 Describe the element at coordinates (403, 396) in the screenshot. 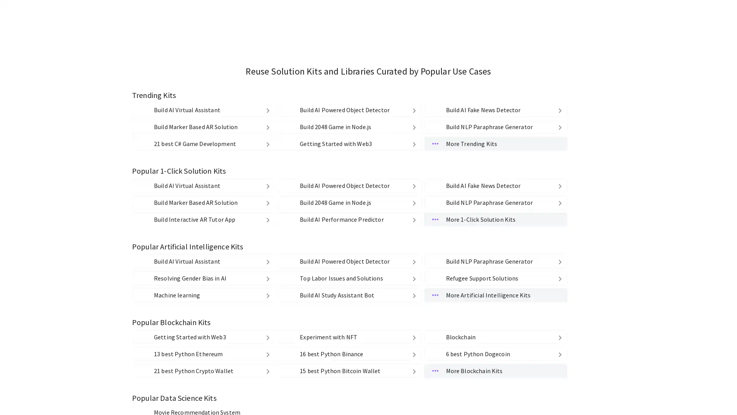

I see `delete` at that location.